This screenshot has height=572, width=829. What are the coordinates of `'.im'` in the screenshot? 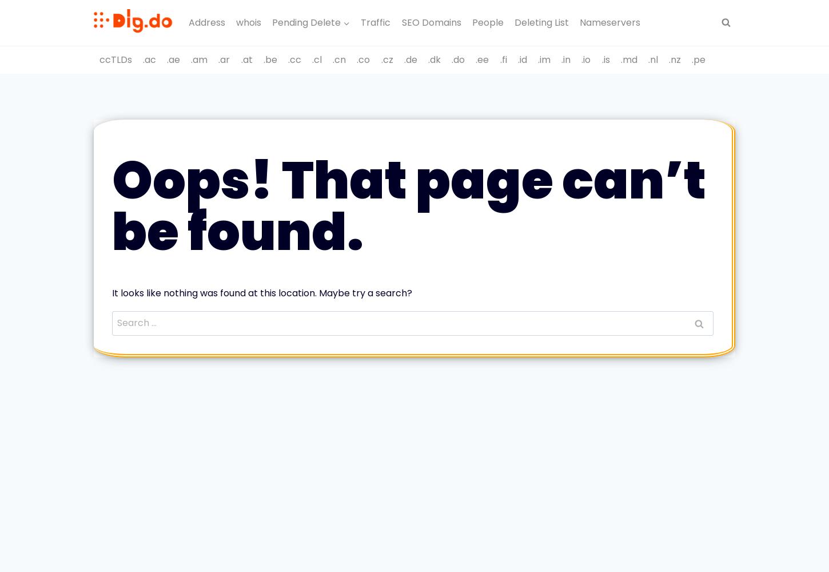 It's located at (543, 58).